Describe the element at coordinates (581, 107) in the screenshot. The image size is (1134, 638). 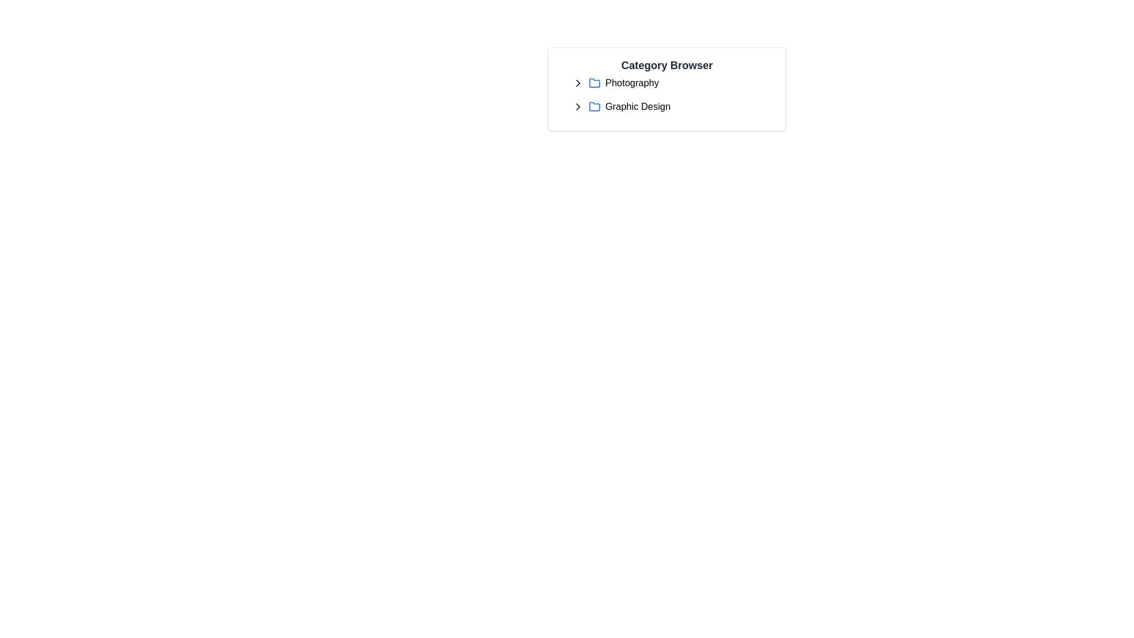
I see `the right-pointing chevron icon located to the left of the 'Graphic Design' text in the Category Browser panel` at that location.